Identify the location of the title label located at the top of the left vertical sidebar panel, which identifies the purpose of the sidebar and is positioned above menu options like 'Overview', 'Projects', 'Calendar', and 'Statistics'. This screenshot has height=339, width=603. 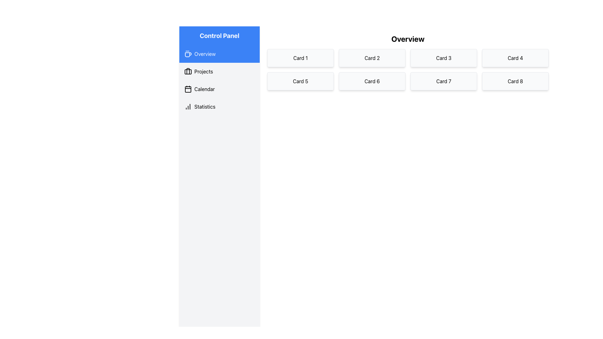
(220, 36).